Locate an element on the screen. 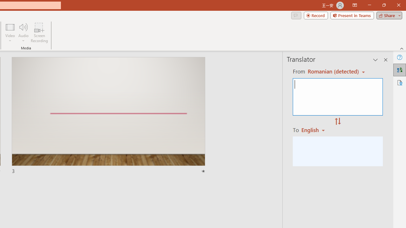 The width and height of the screenshot is (406, 228). 'Swap "from" and "to" languages.' is located at coordinates (337, 122).